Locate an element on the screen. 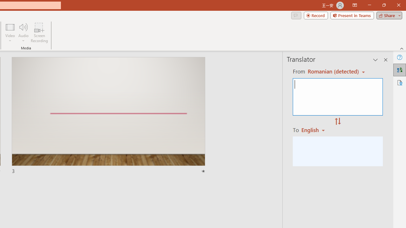 The width and height of the screenshot is (406, 228). 'Swap "from" and "to" languages.' is located at coordinates (337, 122).